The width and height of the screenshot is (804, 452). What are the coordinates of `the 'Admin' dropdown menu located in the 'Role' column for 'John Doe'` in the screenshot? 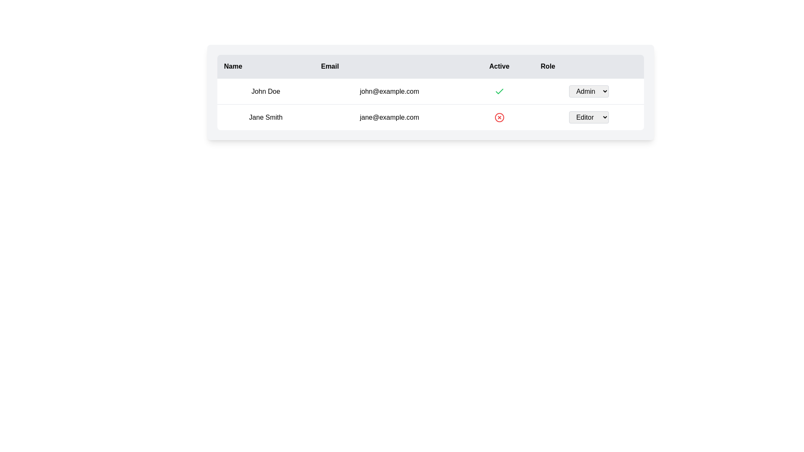 It's located at (588, 91).